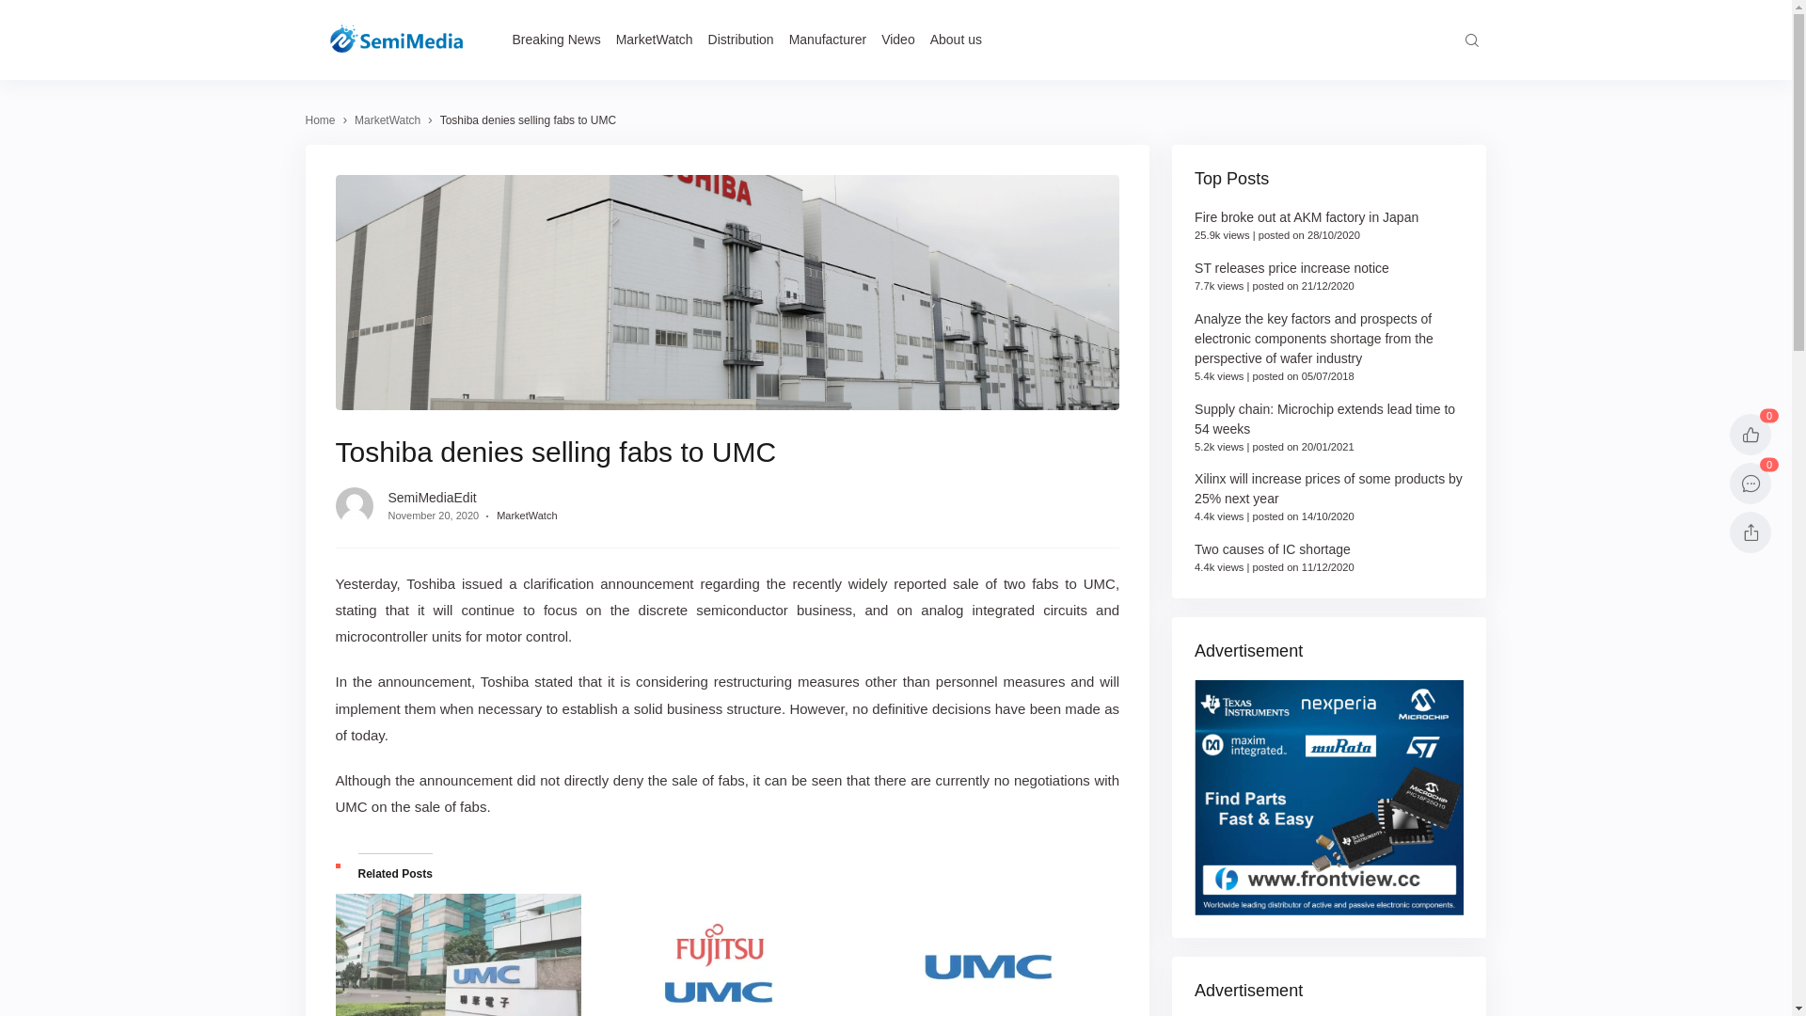 This screenshot has height=1016, width=1806. Describe the element at coordinates (956, 40) in the screenshot. I see `'About us'` at that location.